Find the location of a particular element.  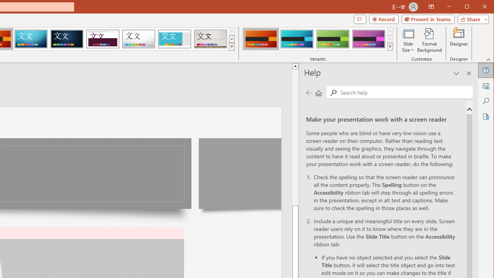

'Frame' is located at coordinates (174, 39).